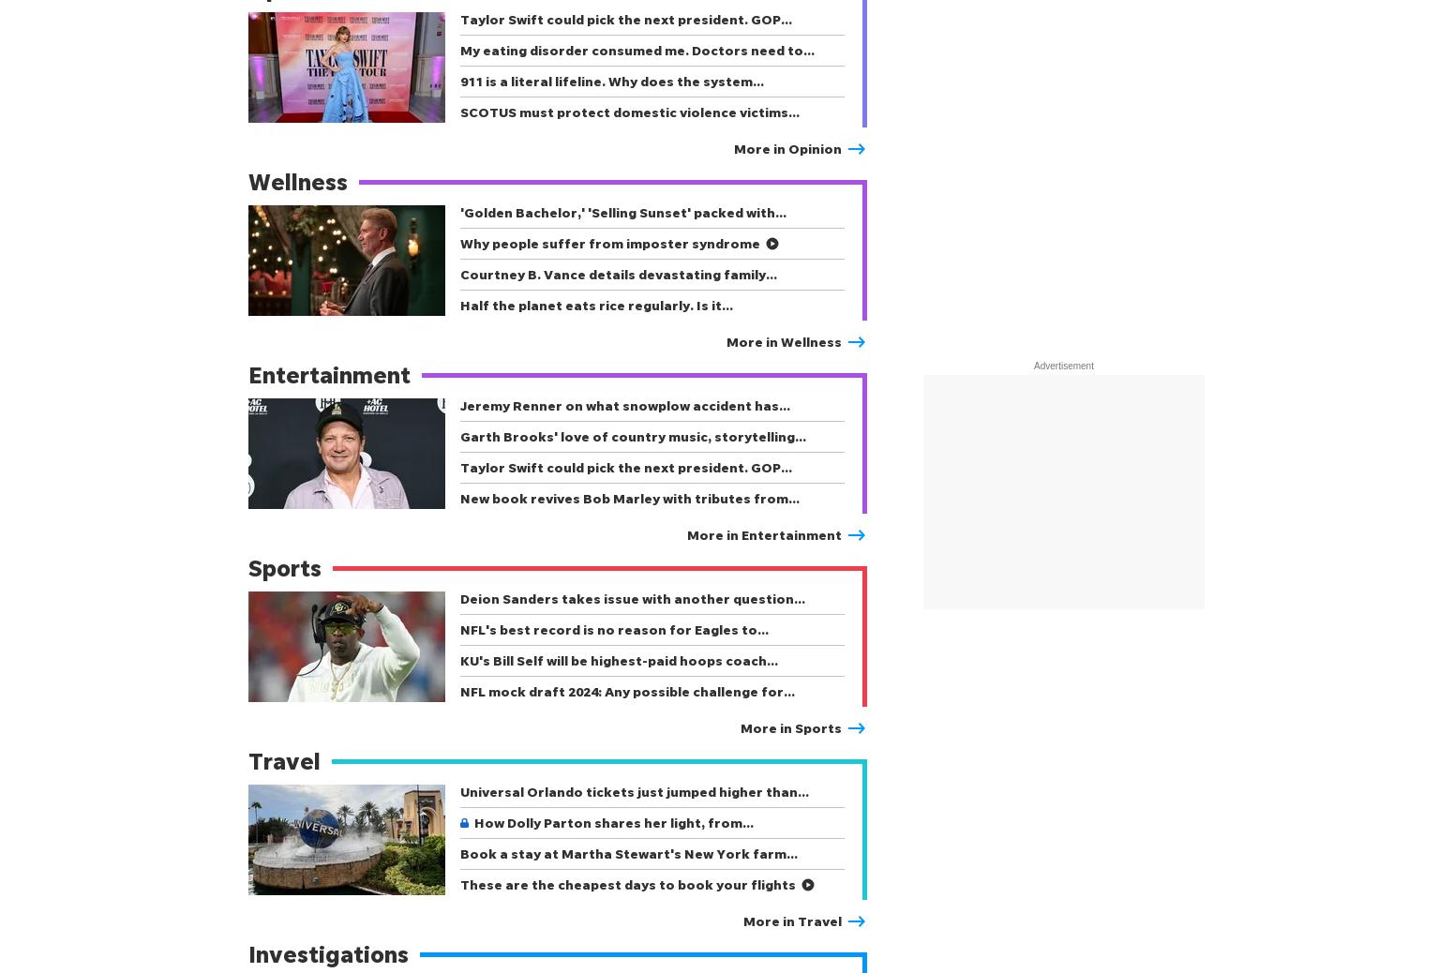 The width and height of the screenshot is (1453, 973). Describe the element at coordinates (622, 211) in the screenshot. I see `''Golden Bachelor,' 'Selling Sunset' packed with…'` at that location.